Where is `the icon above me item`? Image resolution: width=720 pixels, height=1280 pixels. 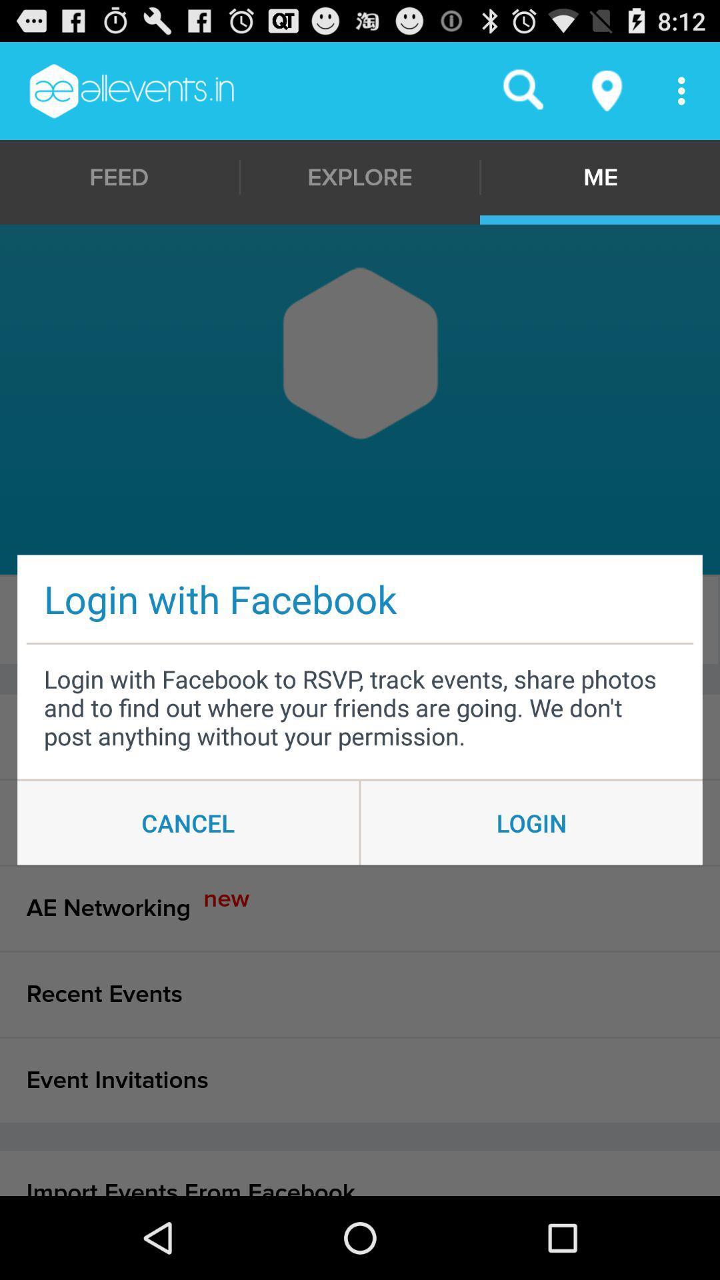 the icon above me item is located at coordinates (607, 90).